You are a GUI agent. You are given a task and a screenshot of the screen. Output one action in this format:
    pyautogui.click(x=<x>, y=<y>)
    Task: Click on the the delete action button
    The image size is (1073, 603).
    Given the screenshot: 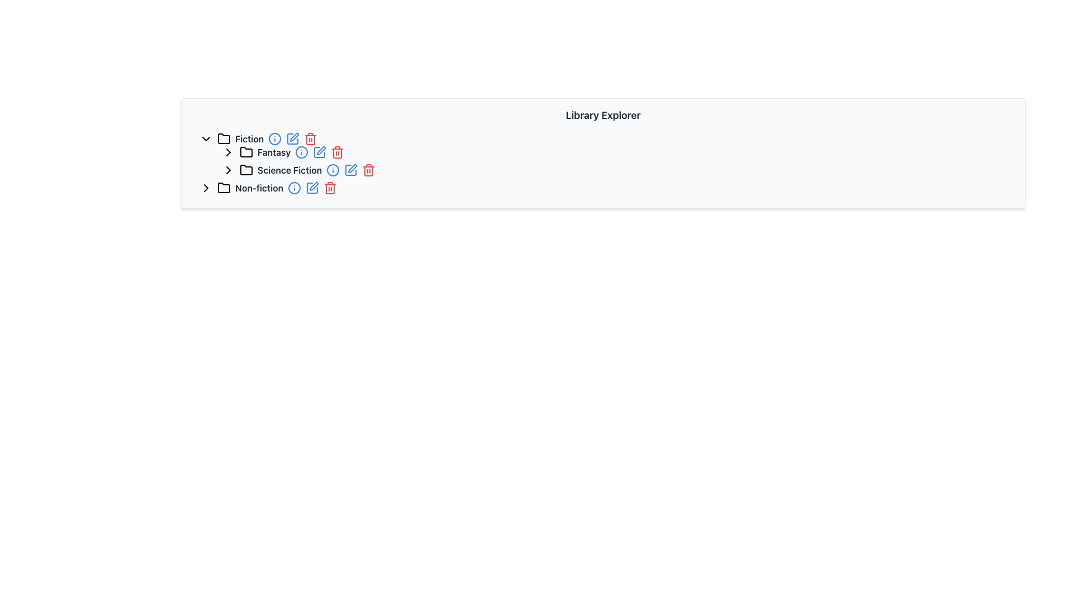 What is the action you would take?
    pyautogui.click(x=311, y=138)
    